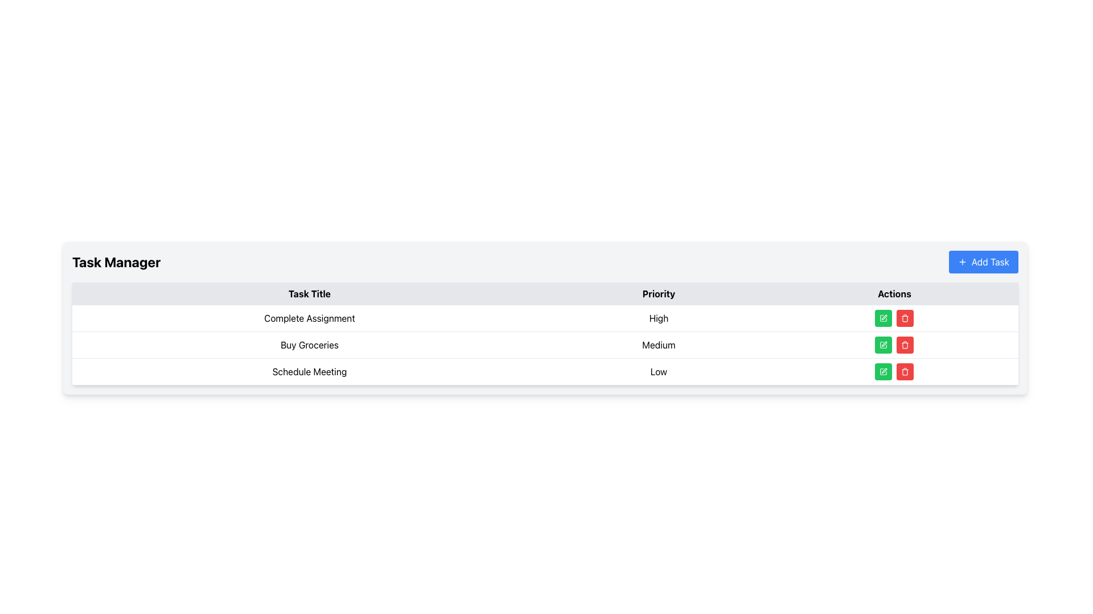 The width and height of the screenshot is (1093, 614). Describe the element at coordinates (893, 344) in the screenshot. I see `the red delete button located in the last column of the table row for the task 'Buy Groceries'` at that location.